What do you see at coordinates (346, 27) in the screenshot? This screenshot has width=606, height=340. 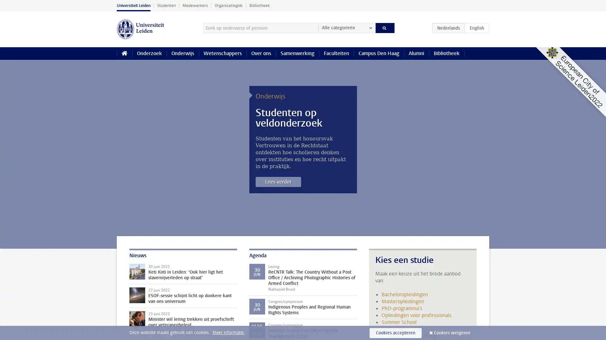 I see `Alle categorieen` at bounding box center [346, 27].